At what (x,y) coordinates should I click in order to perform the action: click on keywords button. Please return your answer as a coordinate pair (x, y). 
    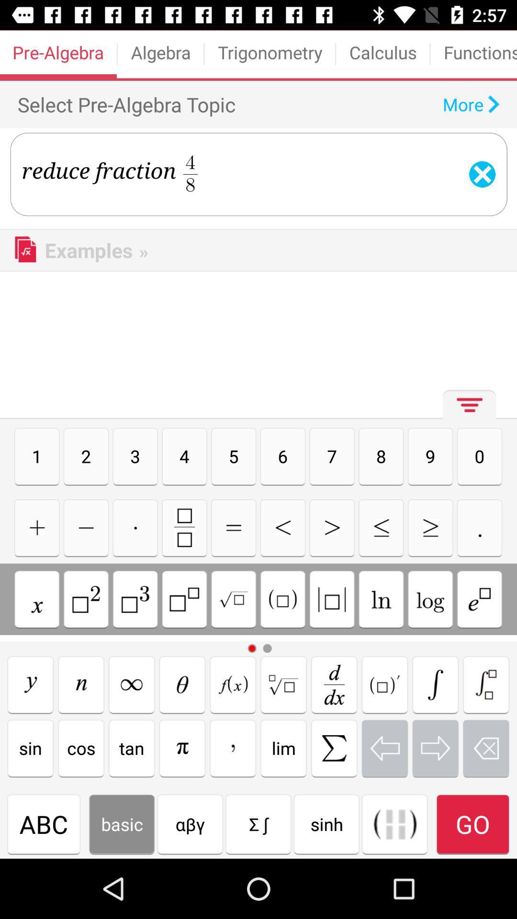
    Looking at the image, I should click on (184, 599).